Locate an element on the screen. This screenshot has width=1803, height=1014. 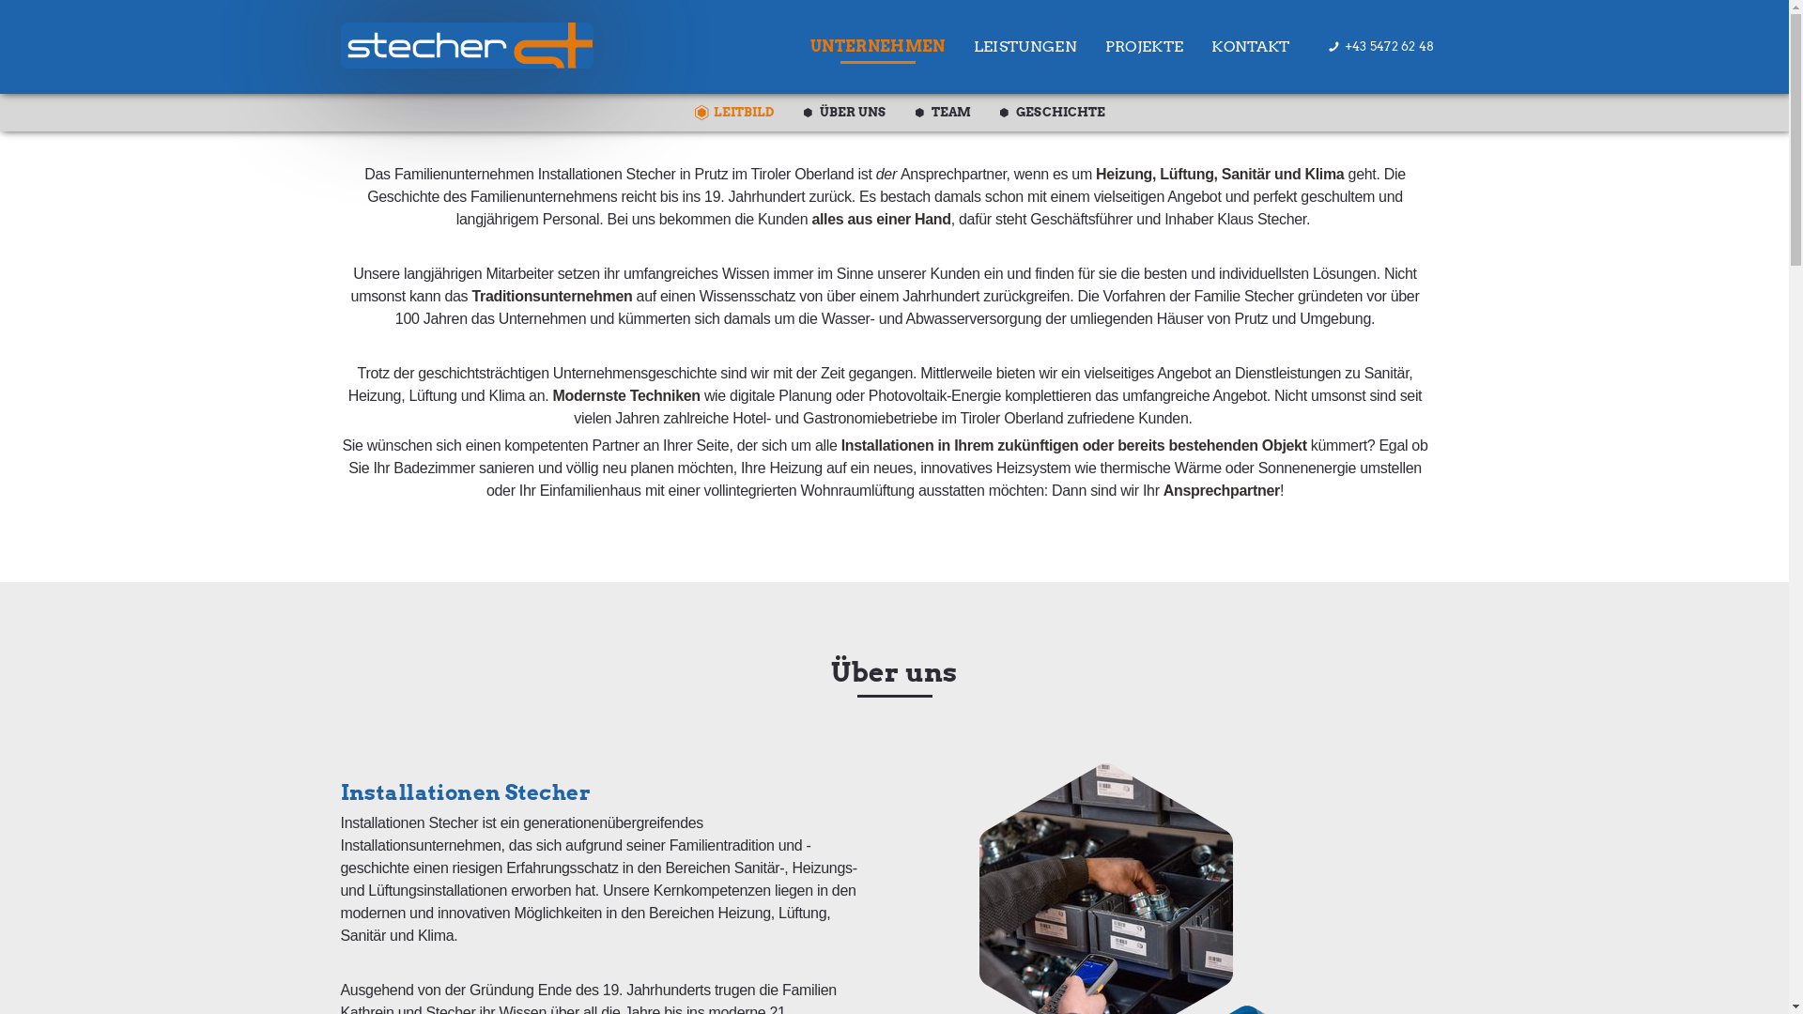
'+43 5472 62 48' is located at coordinates (1380, 39).